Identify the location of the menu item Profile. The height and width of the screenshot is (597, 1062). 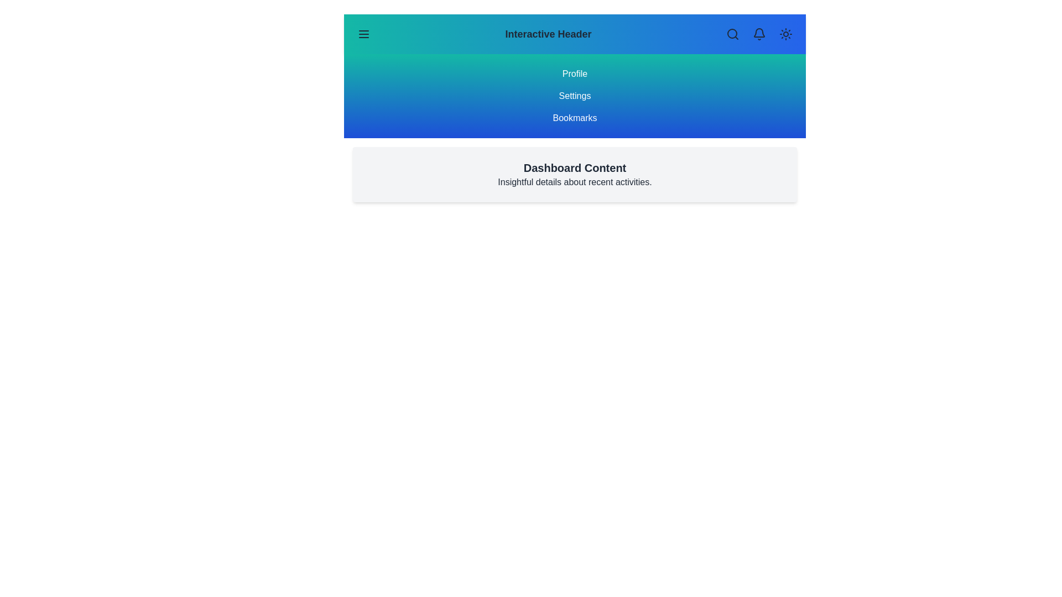
(575, 74).